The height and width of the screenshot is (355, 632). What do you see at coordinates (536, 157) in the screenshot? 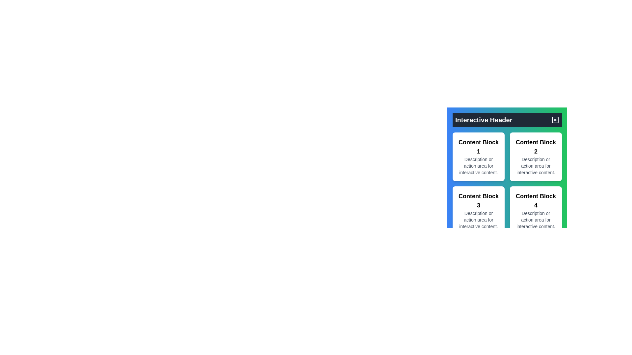
I see `text content of the second card in the grid layout, located at the top-right section adjacent to 'Content Block 1' and above 'Content Block 4'` at bounding box center [536, 157].